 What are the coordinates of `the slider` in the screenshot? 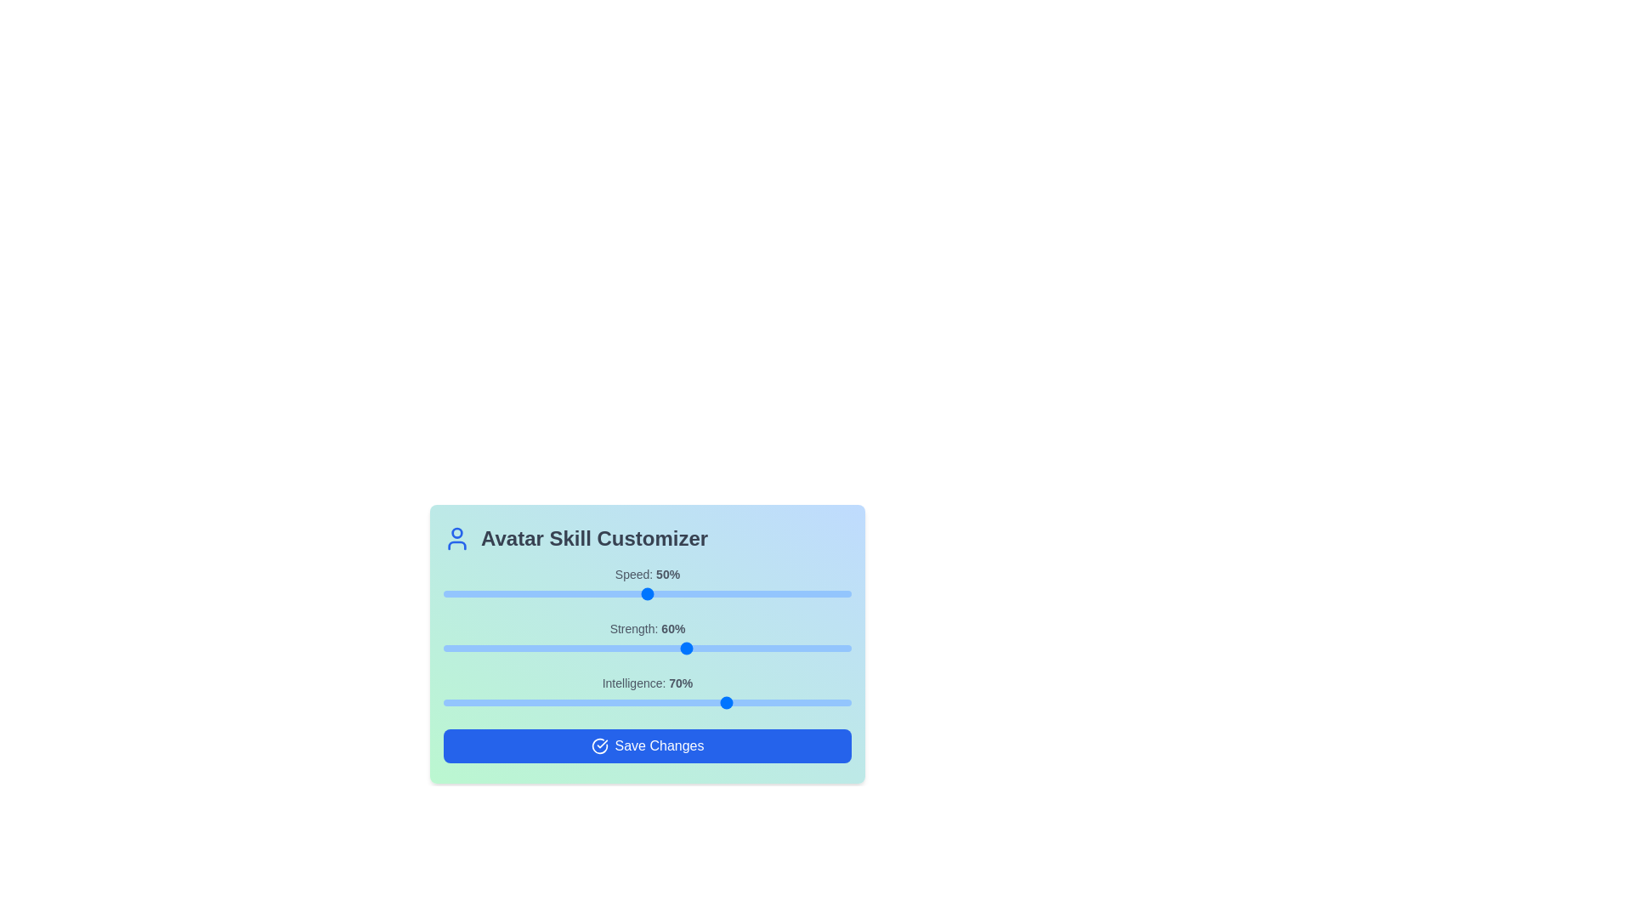 It's located at (586, 702).